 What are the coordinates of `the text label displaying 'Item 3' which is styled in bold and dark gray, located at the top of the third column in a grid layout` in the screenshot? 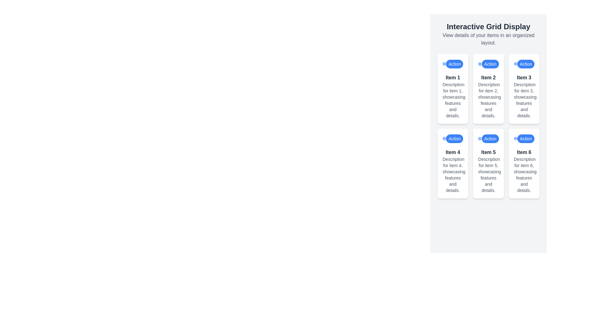 It's located at (524, 77).